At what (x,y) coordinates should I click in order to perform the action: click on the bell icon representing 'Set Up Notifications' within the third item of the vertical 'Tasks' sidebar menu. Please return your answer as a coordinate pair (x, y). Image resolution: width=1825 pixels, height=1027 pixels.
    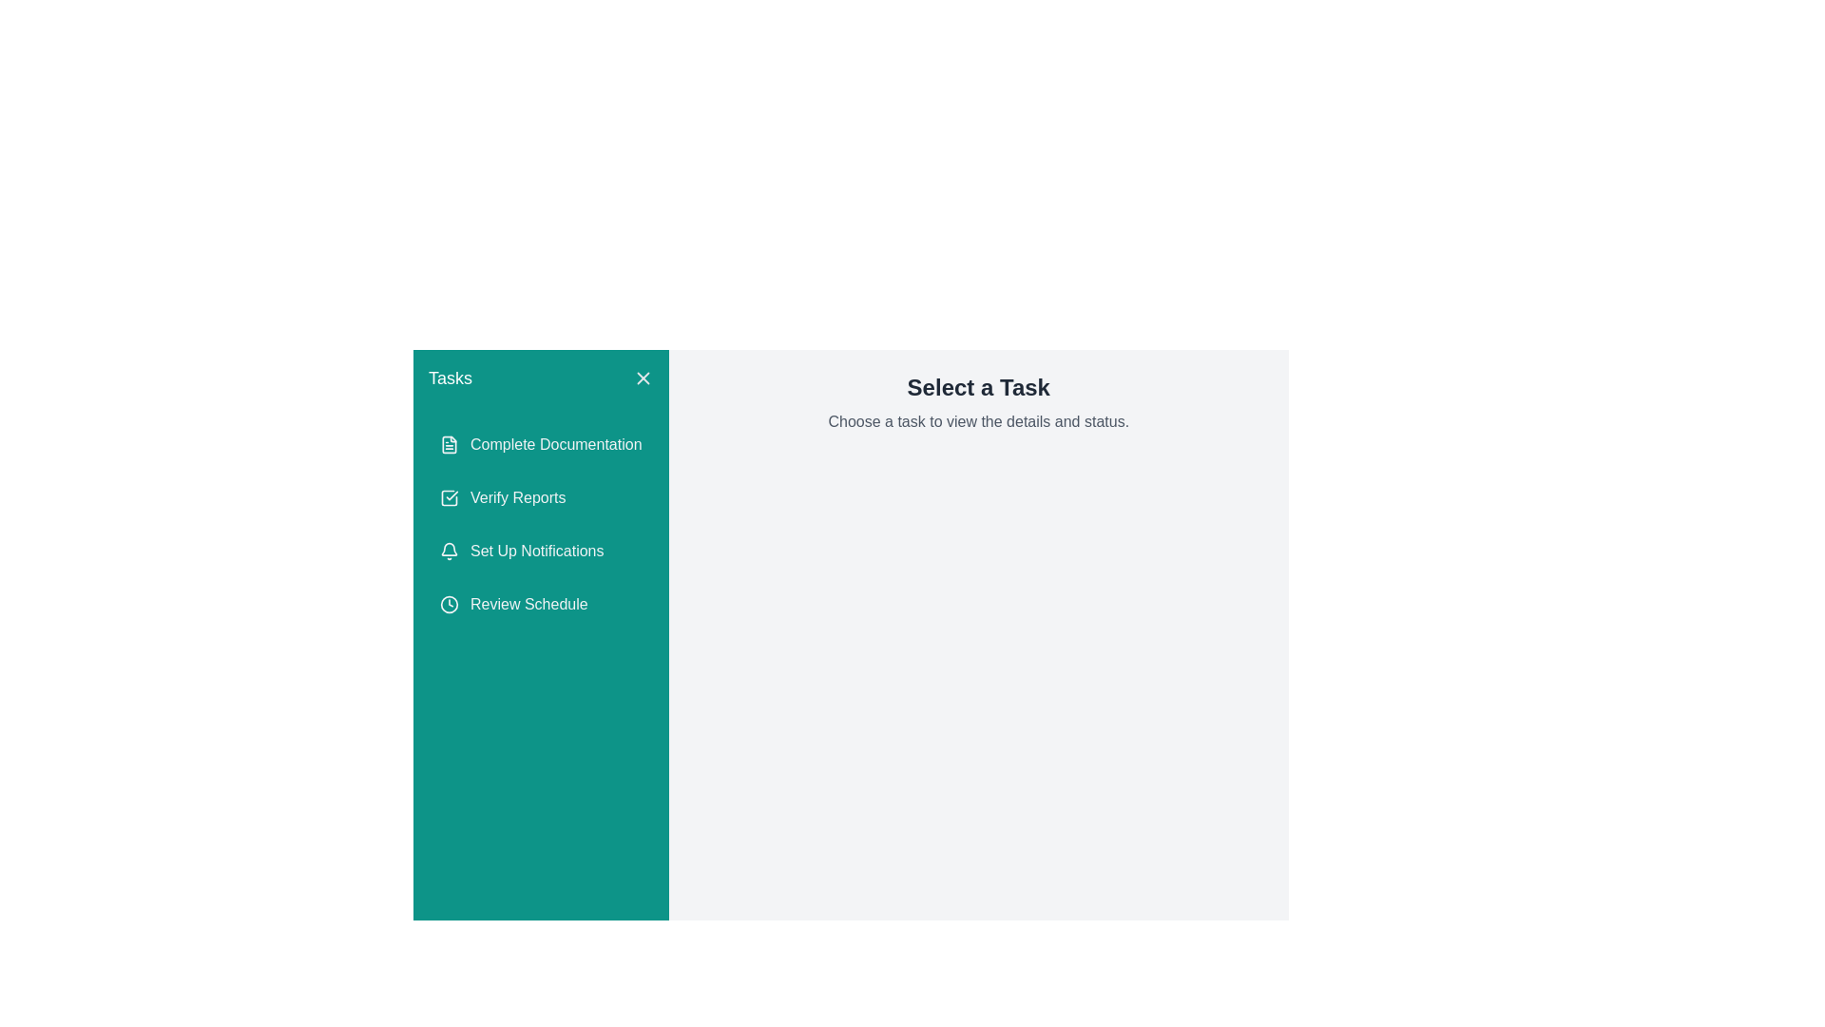
    Looking at the image, I should click on (449, 549).